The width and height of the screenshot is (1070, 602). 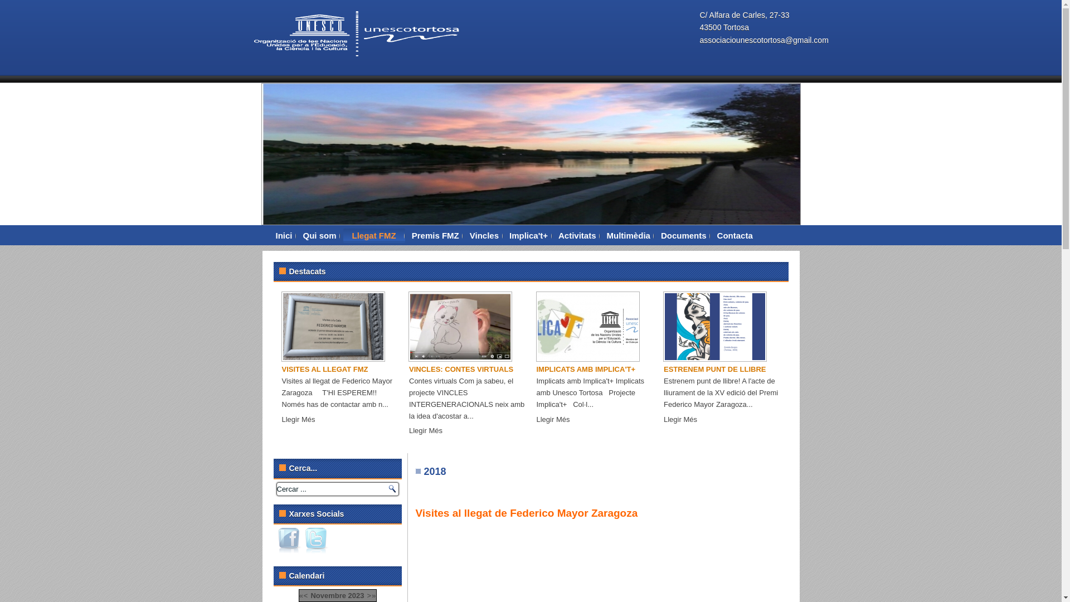 What do you see at coordinates (328, 595) in the screenshot?
I see `'Novembre'` at bounding box center [328, 595].